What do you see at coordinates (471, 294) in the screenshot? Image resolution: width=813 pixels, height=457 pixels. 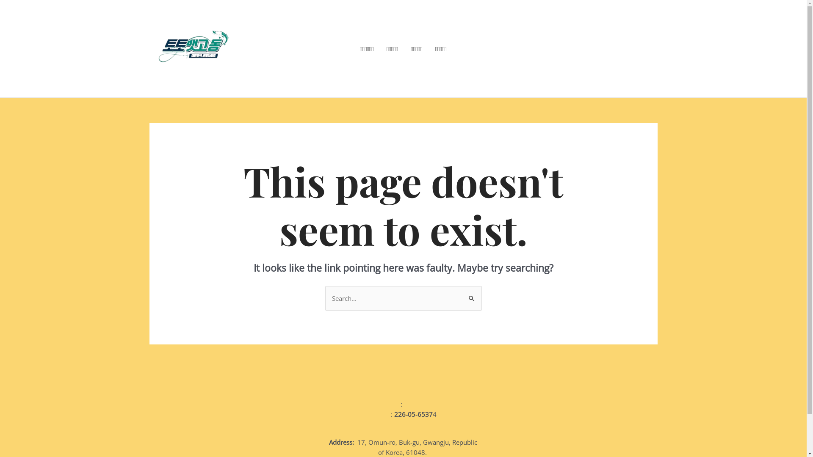 I see `'Search'` at bounding box center [471, 294].